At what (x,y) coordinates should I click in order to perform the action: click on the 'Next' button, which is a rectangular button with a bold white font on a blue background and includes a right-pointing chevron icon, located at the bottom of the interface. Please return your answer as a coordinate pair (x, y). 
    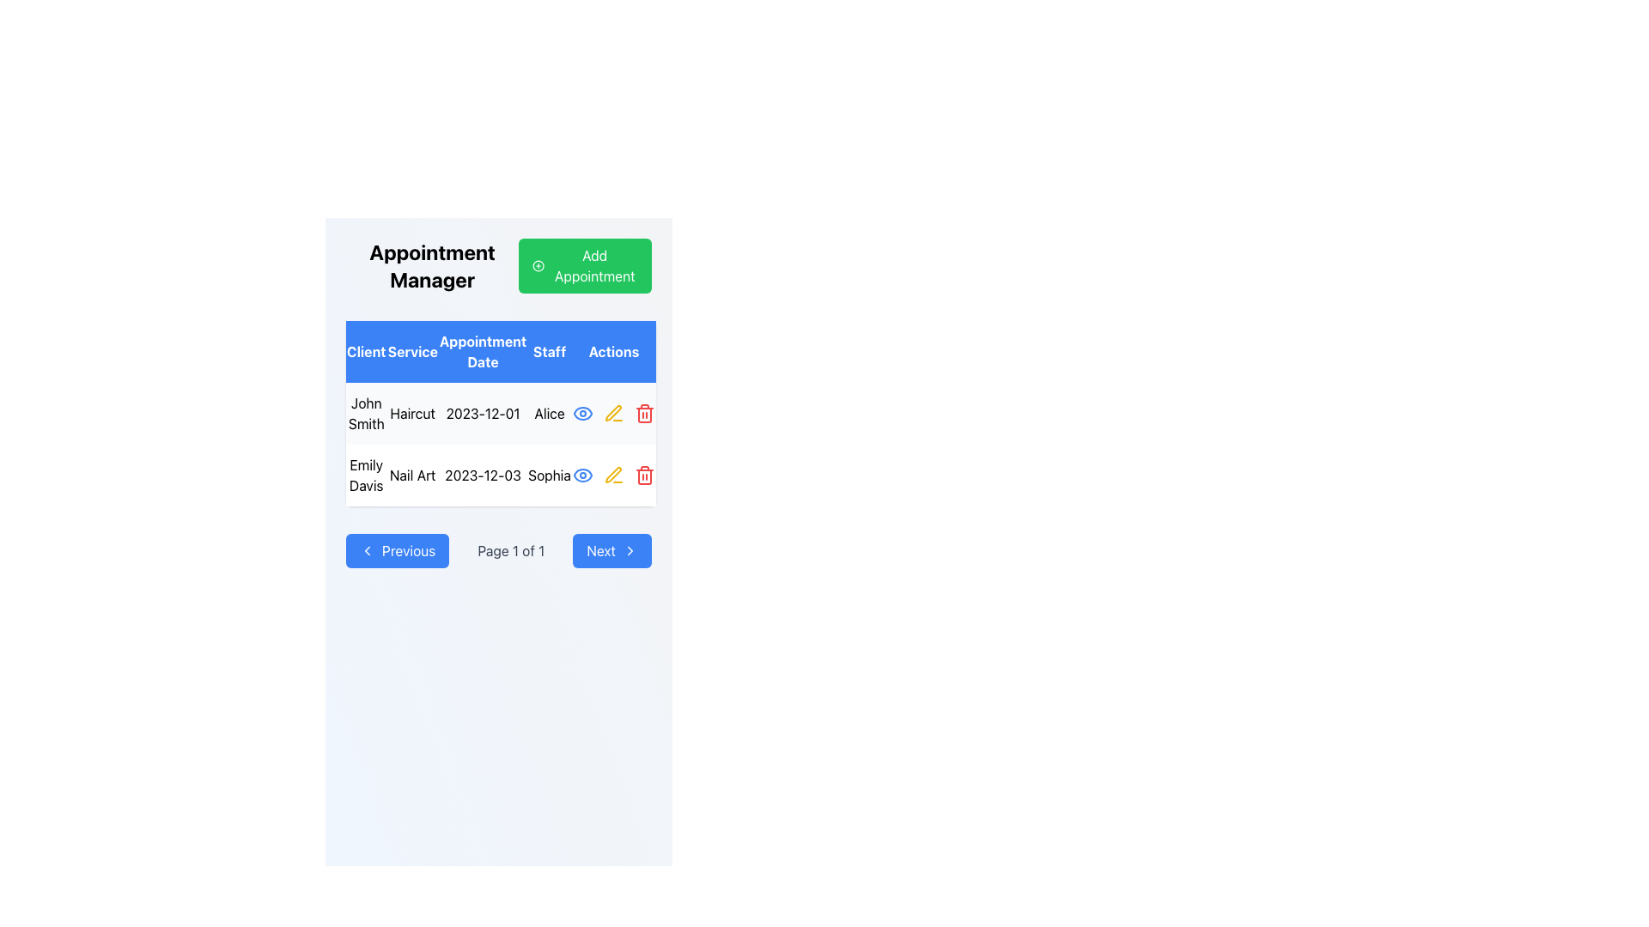
    Looking at the image, I should click on (612, 550).